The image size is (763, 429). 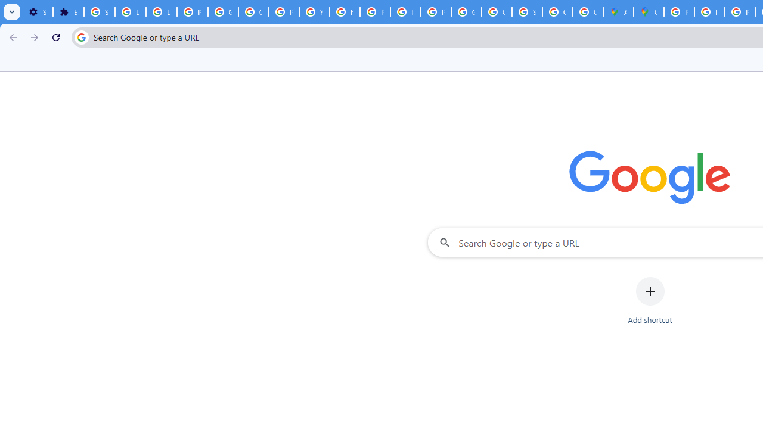 What do you see at coordinates (648, 12) in the screenshot?
I see `'Google Maps'` at bounding box center [648, 12].